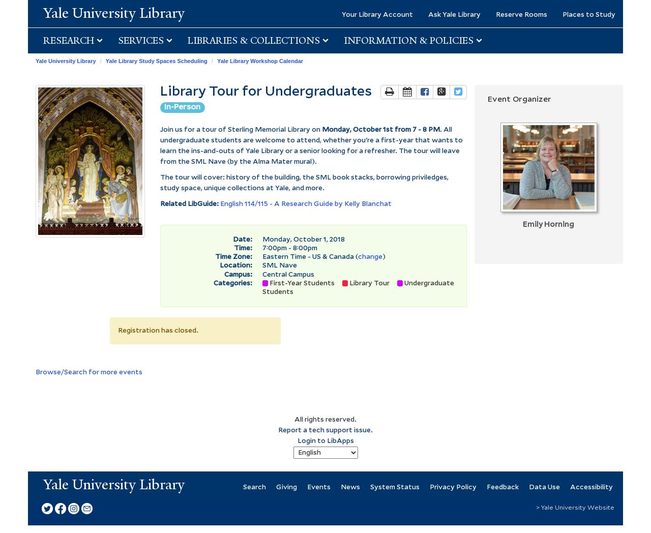 This screenshot has height=533, width=651. Describe the element at coordinates (369, 487) in the screenshot. I see `'System Status'` at that location.